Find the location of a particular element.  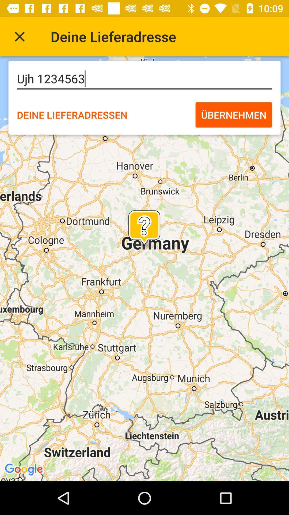

this map is located at coordinates (19, 36).